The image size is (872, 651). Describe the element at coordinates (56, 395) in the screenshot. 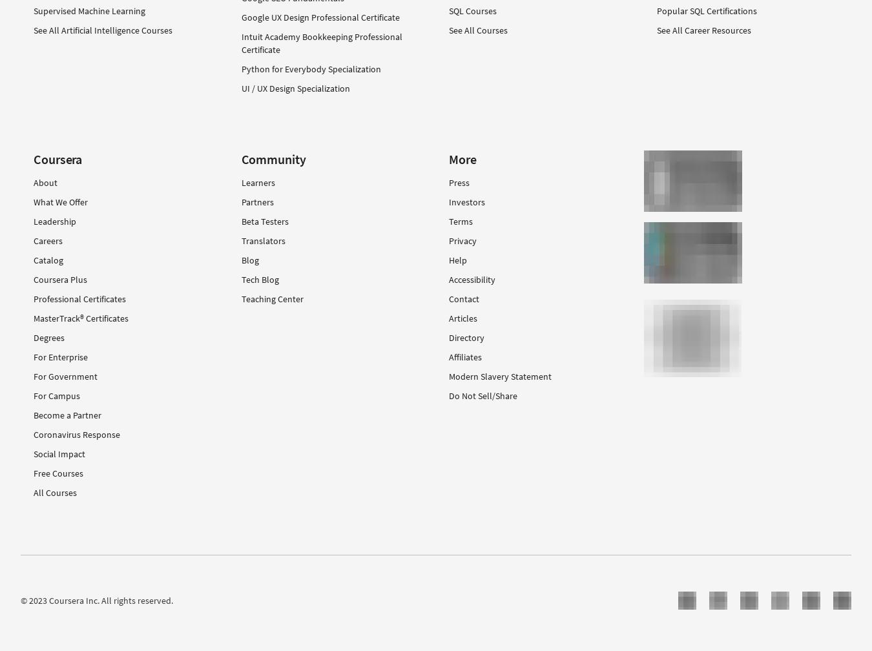

I see `'For Campus'` at that location.